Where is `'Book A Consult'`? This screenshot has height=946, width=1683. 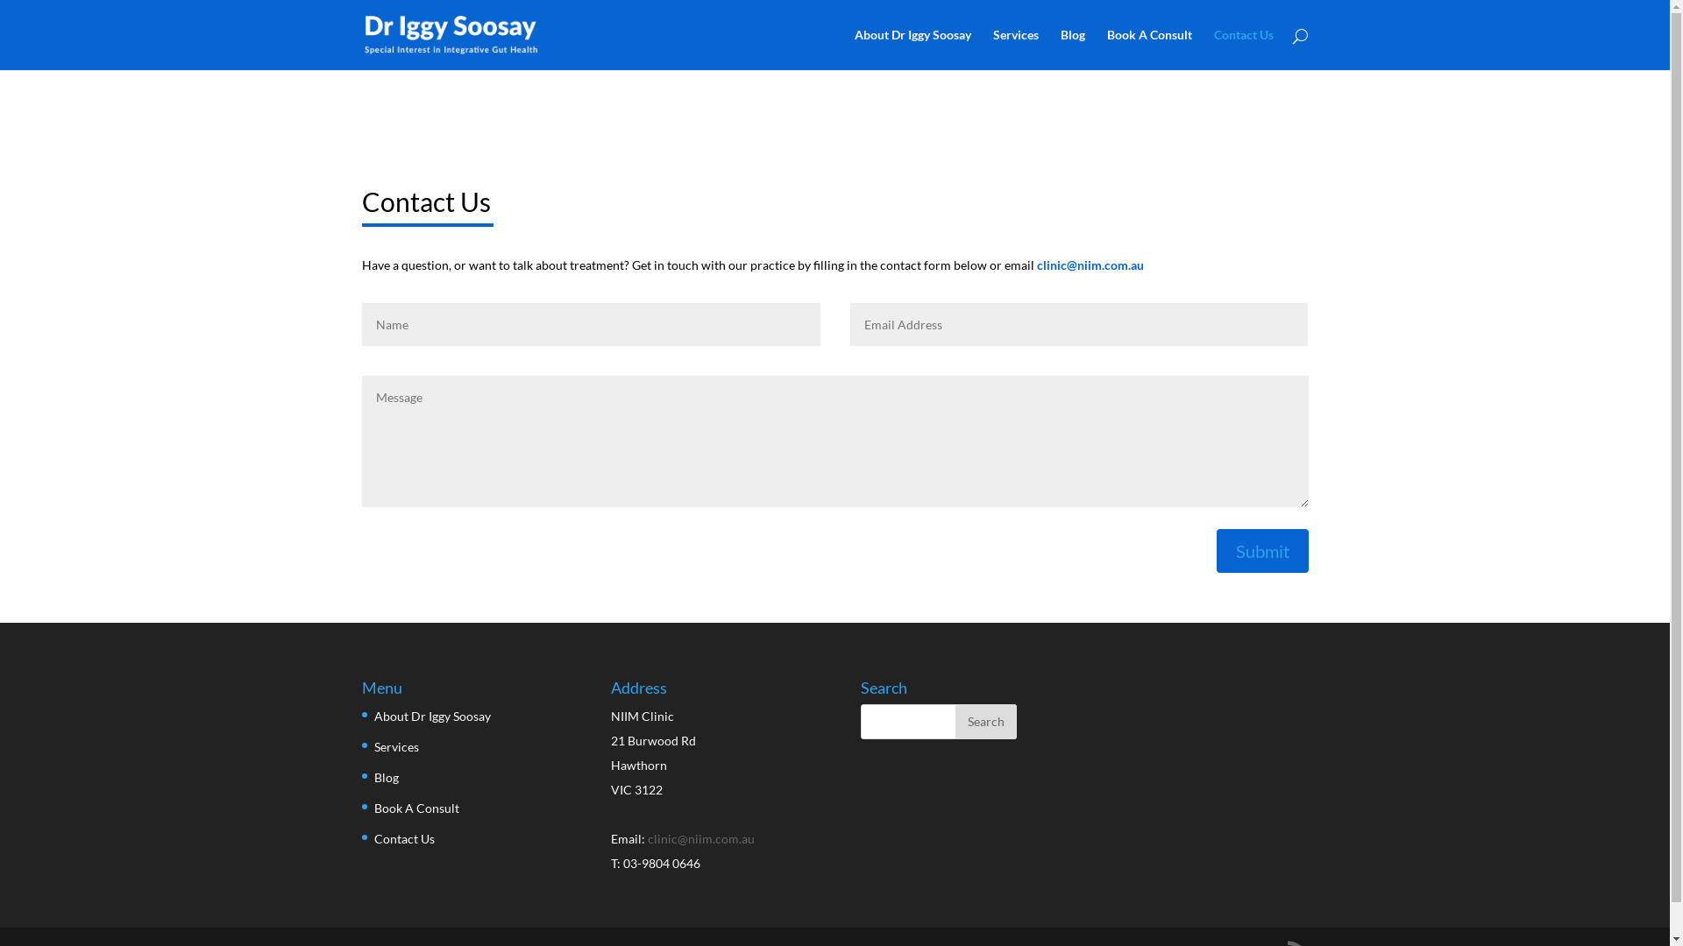
'Book A Consult' is located at coordinates (373, 808).